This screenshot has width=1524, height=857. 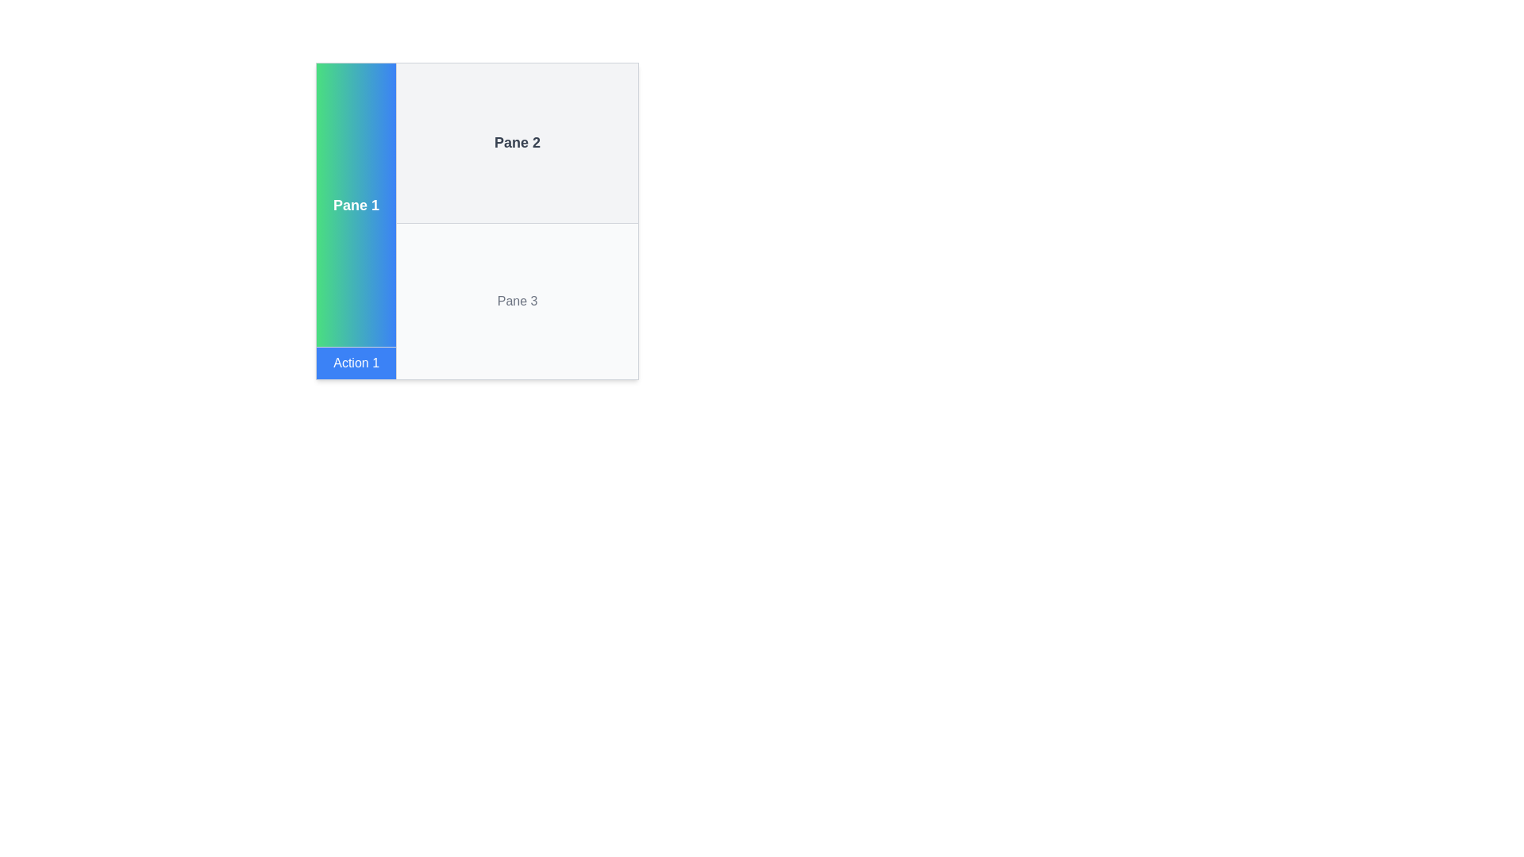 I want to click on the text label 'Pane 3' displayed in gray color, located in the bottom-right quadrant of the interface, so click(x=518, y=301).